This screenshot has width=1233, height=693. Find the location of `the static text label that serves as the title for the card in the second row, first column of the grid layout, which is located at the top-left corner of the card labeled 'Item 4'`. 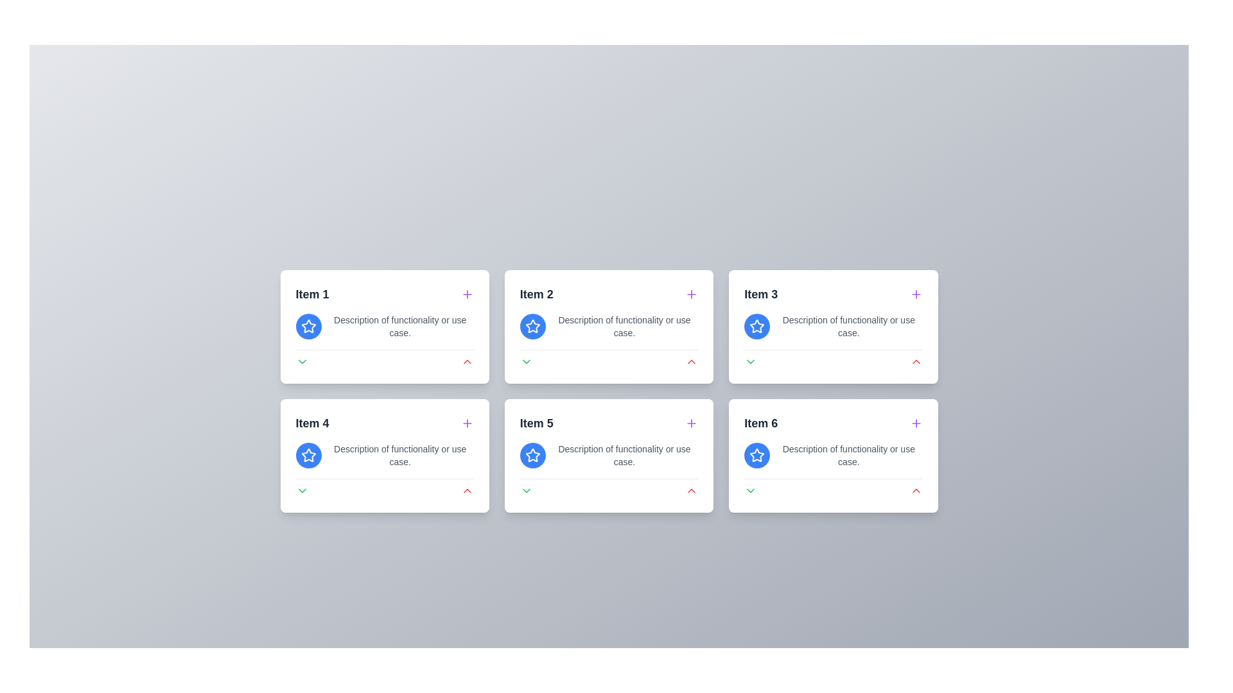

the static text label that serves as the title for the card in the second row, first column of the grid layout, which is located at the top-left corner of the card labeled 'Item 4' is located at coordinates (312, 423).